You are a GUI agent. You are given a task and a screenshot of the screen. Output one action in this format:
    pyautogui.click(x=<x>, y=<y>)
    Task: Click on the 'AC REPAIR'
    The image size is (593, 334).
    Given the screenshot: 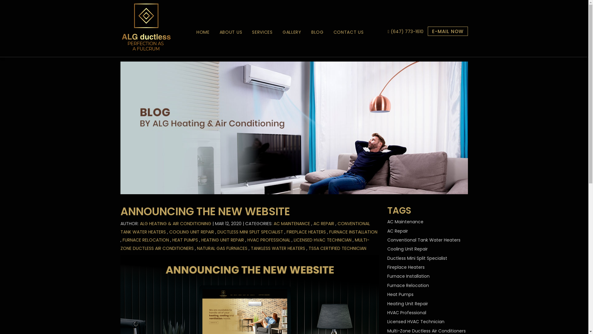 What is the action you would take?
    pyautogui.click(x=323, y=223)
    